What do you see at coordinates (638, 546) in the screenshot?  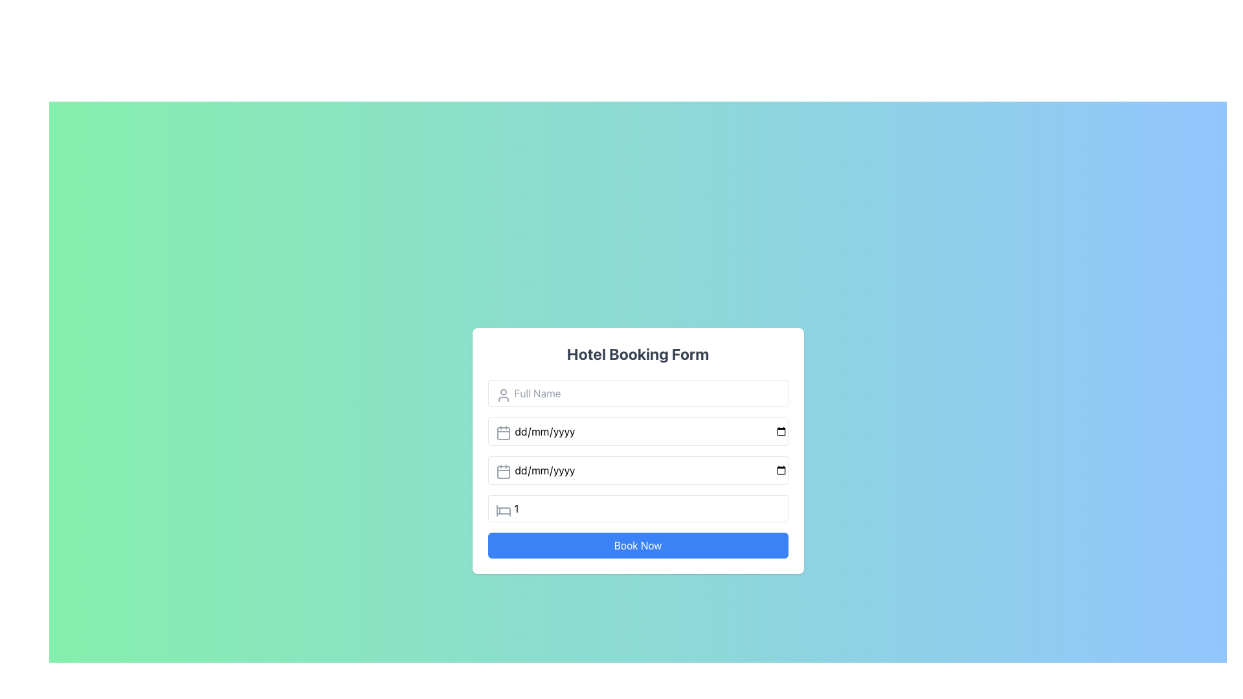 I see `the blue rectangular 'Book Now' button with rounded edges` at bounding box center [638, 546].